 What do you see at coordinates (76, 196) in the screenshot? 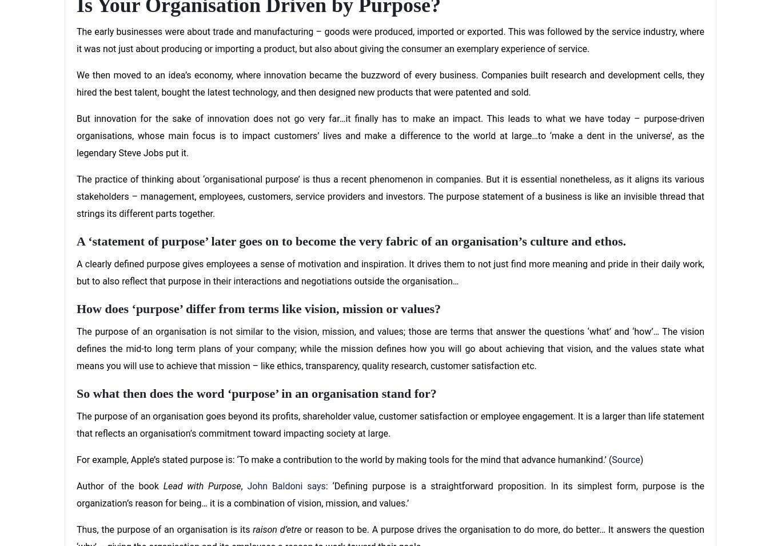
I see `'The practice of thinking about ‘organisational purpose’ is thus a recent phenomenon in companies. But it is essential nonetheless, as it aligns its various stakeholders – management, employees, customers, service providers and investors. The purpose statement of a business is like an invisible thread that strings its different parts together.'` at bounding box center [76, 196].